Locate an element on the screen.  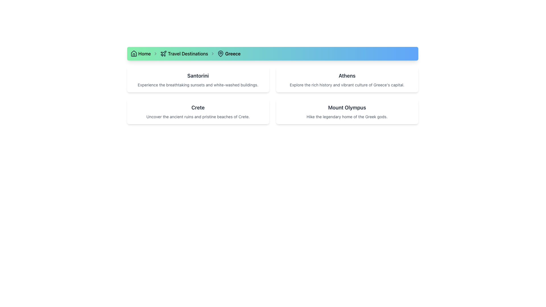
the Breadcrumb Navigation Bar is located at coordinates (272, 54).